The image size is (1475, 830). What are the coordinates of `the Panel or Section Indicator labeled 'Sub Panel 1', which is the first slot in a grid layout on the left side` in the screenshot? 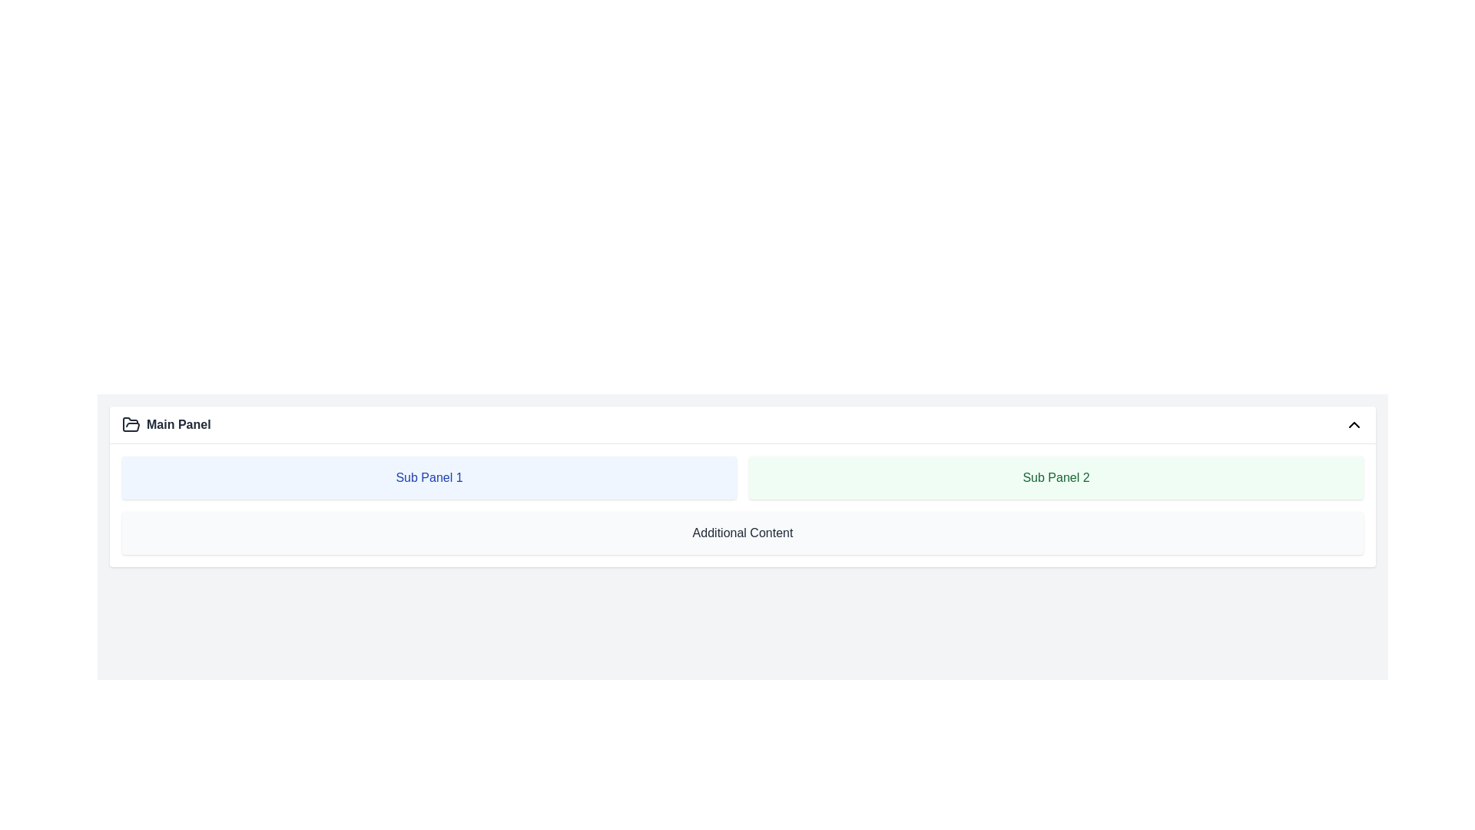 It's located at (429, 476).